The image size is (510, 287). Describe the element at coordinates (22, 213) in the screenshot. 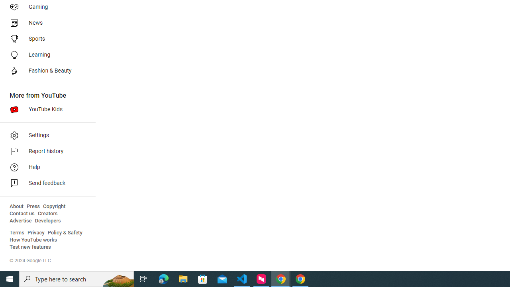

I see `'Contact us'` at that location.